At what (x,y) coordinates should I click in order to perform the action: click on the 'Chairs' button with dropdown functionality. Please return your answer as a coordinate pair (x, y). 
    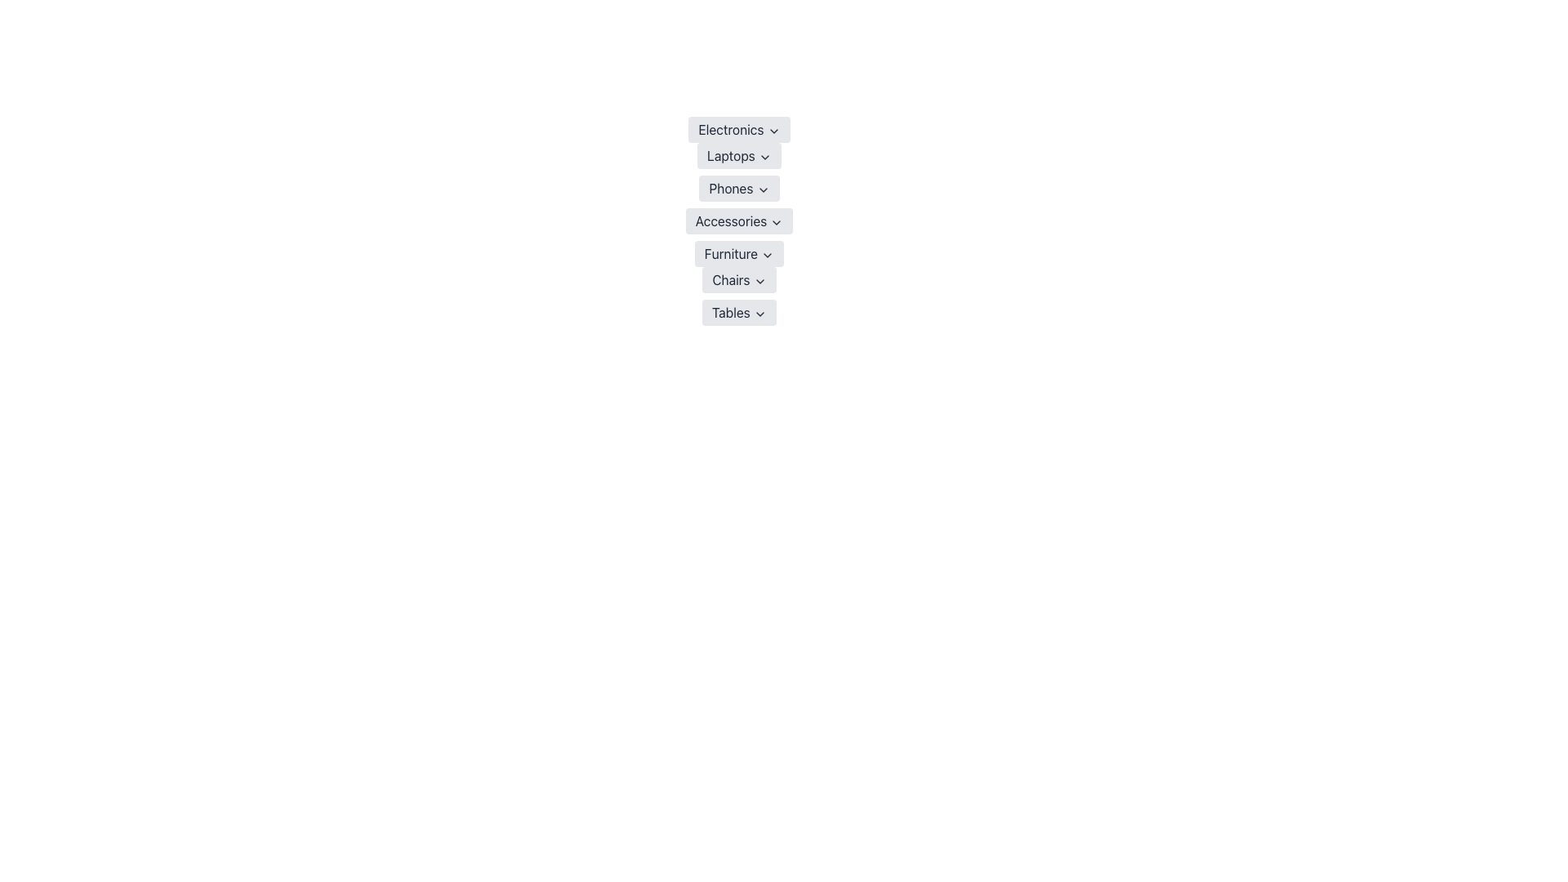
    Looking at the image, I should click on (738, 279).